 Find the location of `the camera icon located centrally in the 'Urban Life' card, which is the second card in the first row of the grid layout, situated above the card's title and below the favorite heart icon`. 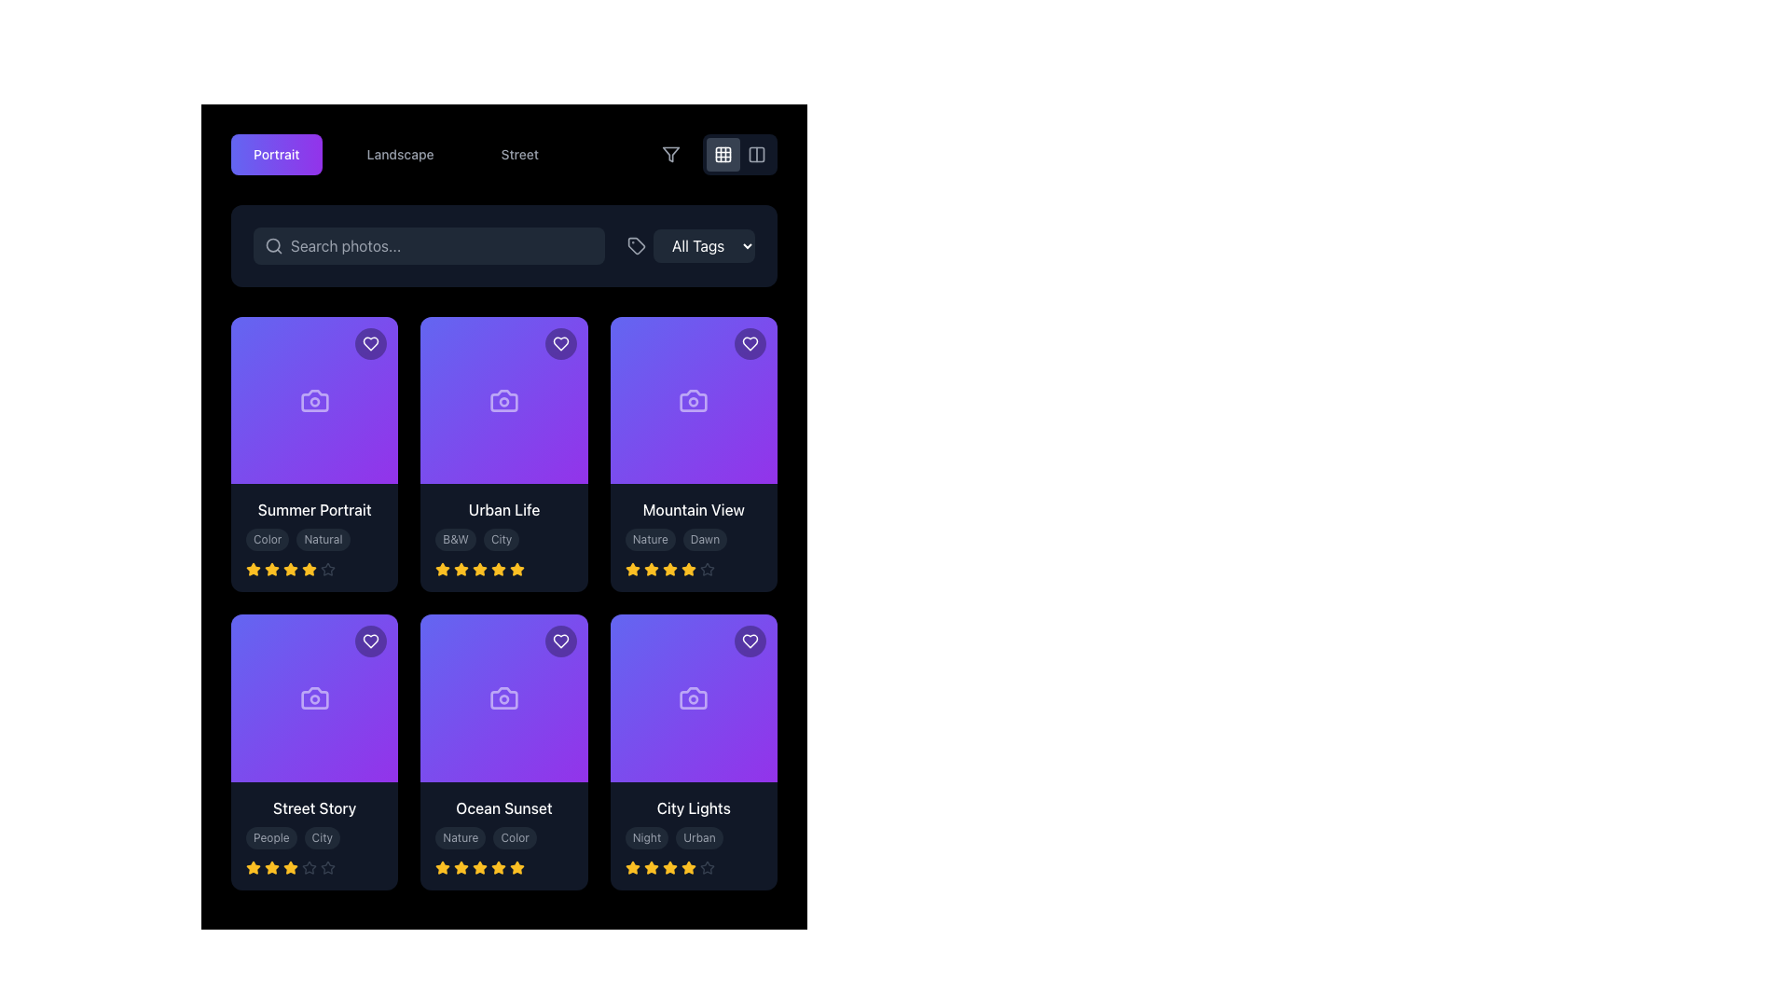

the camera icon located centrally in the 'Urban Life' card, which is the second card in the first row of the grid layout, situated above the card's title and below the favorite heart icon is located at coordinates (504, 399).